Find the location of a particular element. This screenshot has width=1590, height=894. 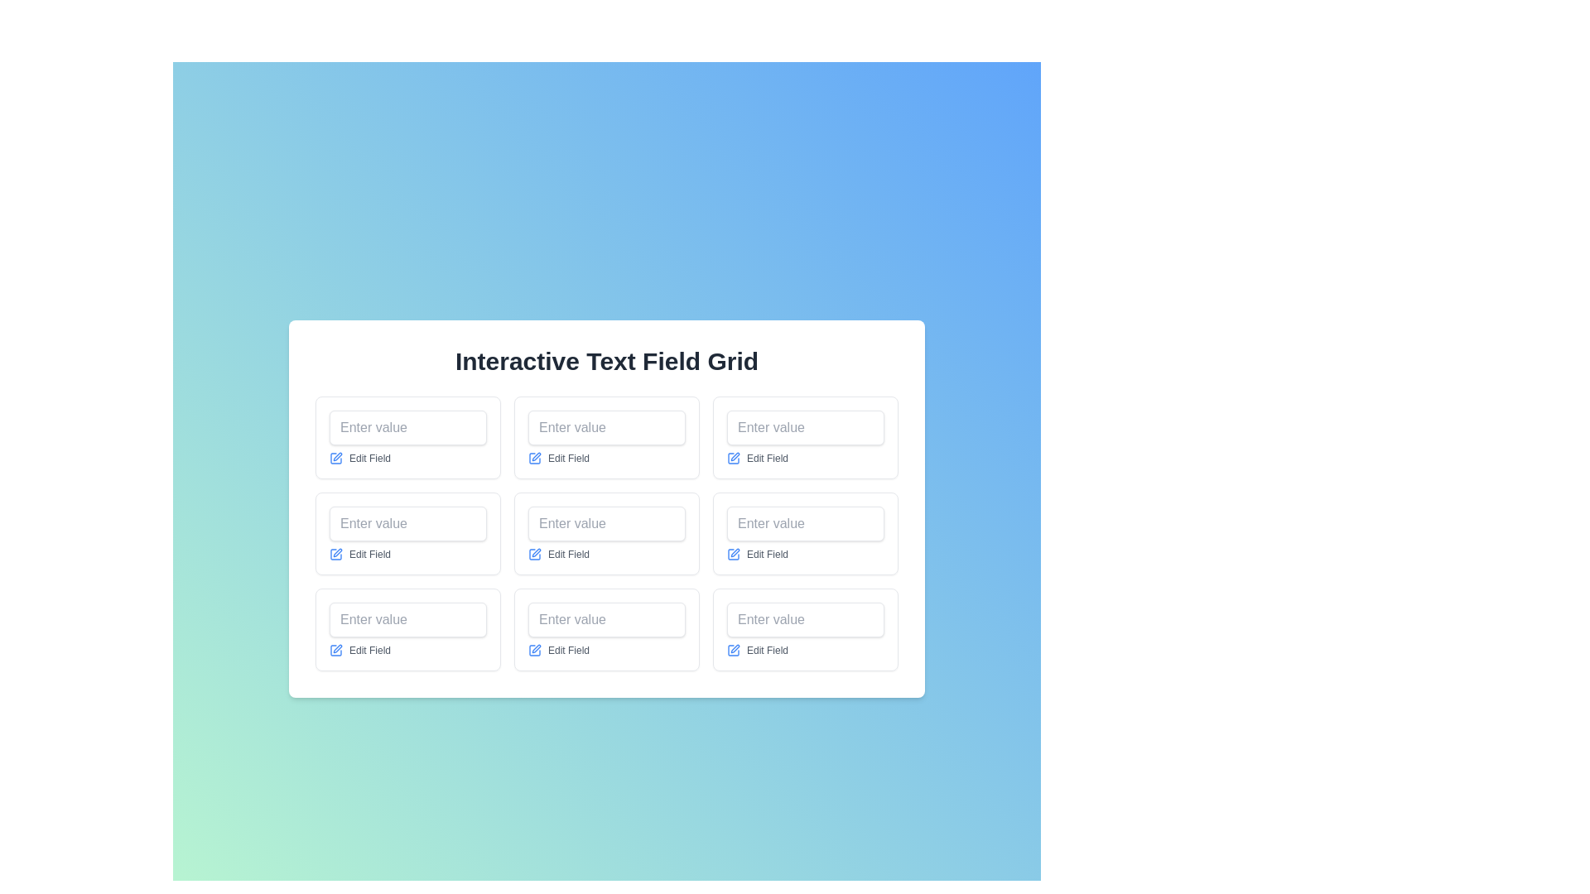

the blue pen icon that is part of the 'Edit Field' button, located next to the text label within the grid layout is located at coordinates (733, 459).